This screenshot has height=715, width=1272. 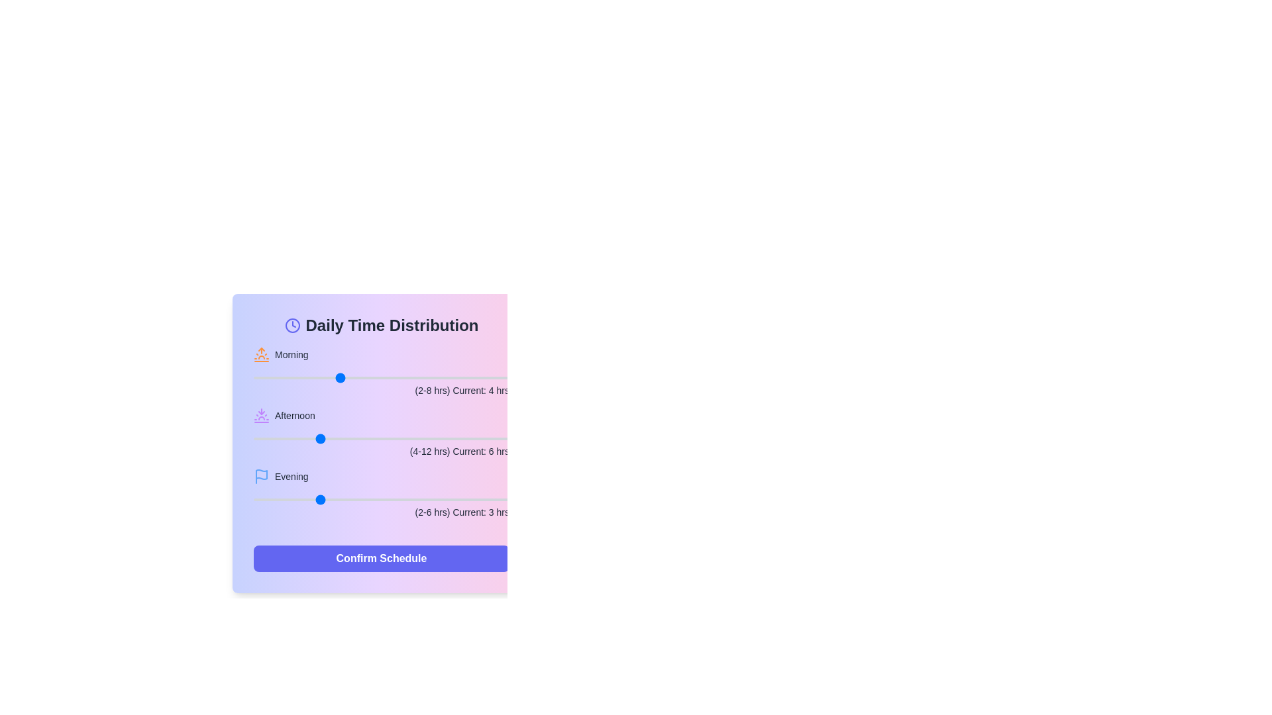 What do you see at coordinates (261, 354) in the screenshot?
I see `the orange sunrise icon located to the left of the 'Morning' text in the 'Daily Time Distribution' section` at bounding box center [261, 354].